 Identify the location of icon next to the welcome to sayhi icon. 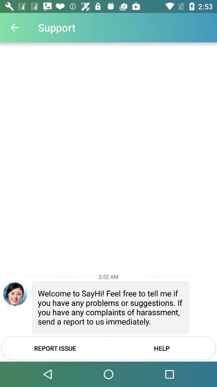
(15, 293).